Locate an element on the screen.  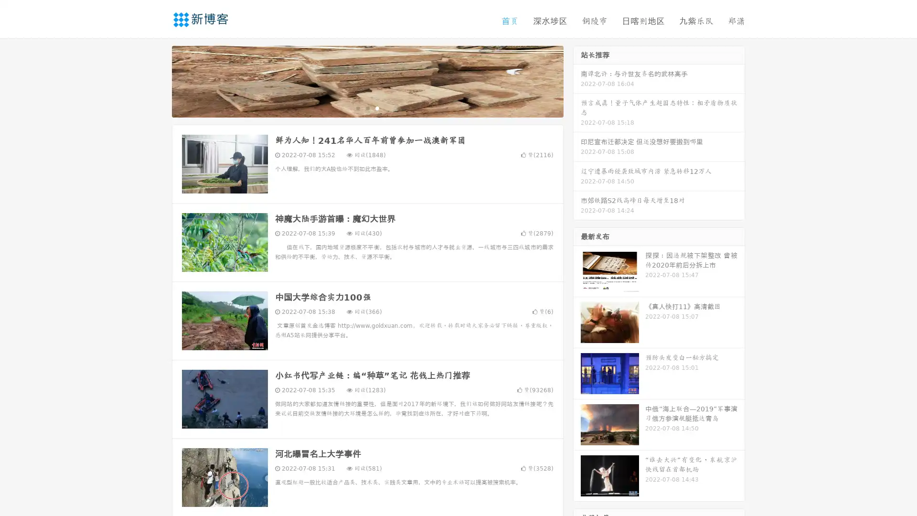
Next slide is located at coordinates (577, 80).